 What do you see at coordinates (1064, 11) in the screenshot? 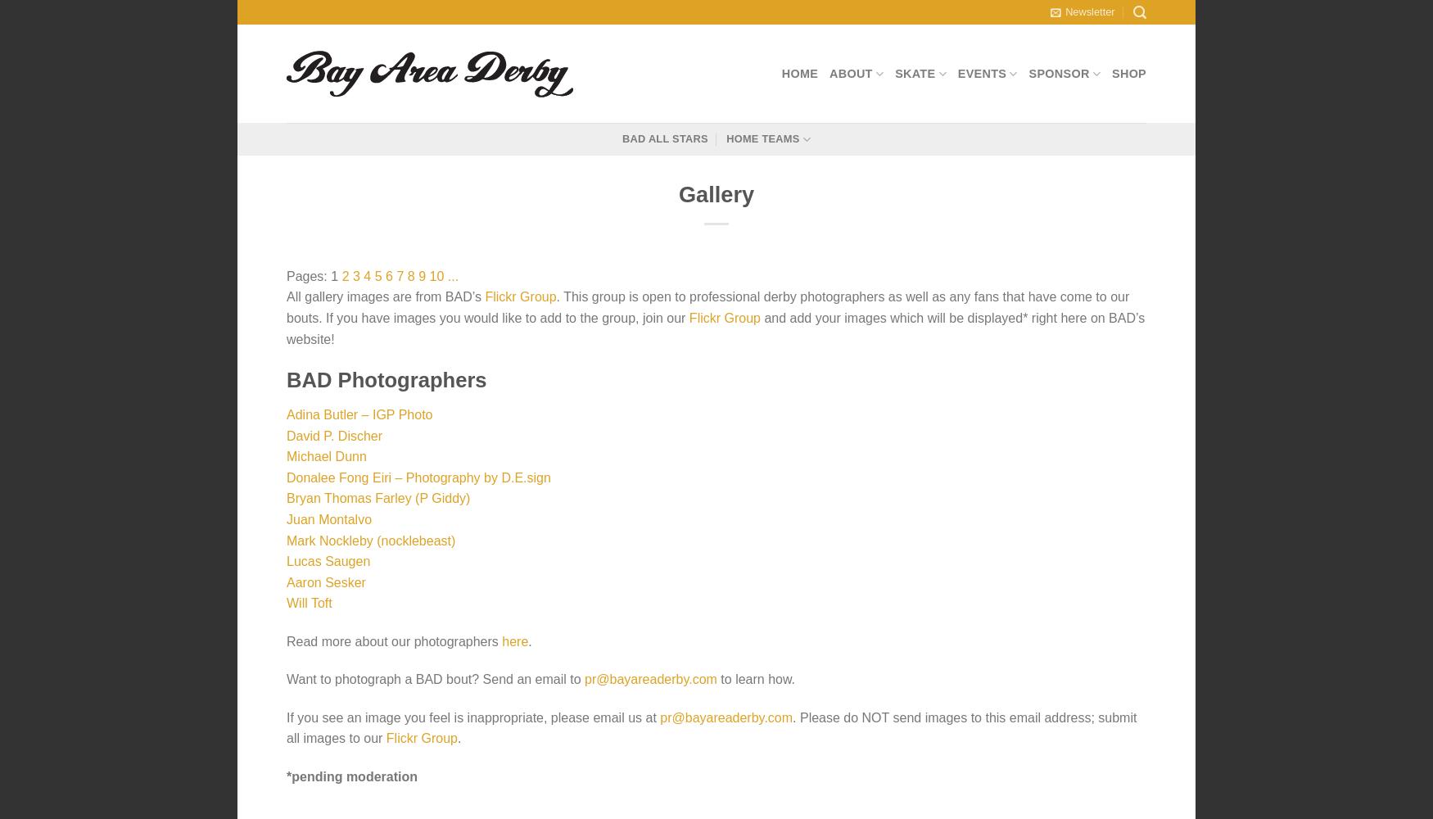
I see `'Newsletter'` at bounding box center [1064, 11].